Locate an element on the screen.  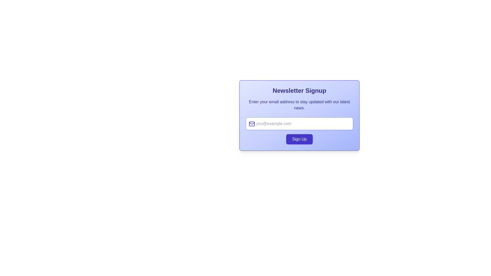
the heading text label for the newsletter signup section, which is positioned at the top of a light blue card is located at coordinates (299, 90).